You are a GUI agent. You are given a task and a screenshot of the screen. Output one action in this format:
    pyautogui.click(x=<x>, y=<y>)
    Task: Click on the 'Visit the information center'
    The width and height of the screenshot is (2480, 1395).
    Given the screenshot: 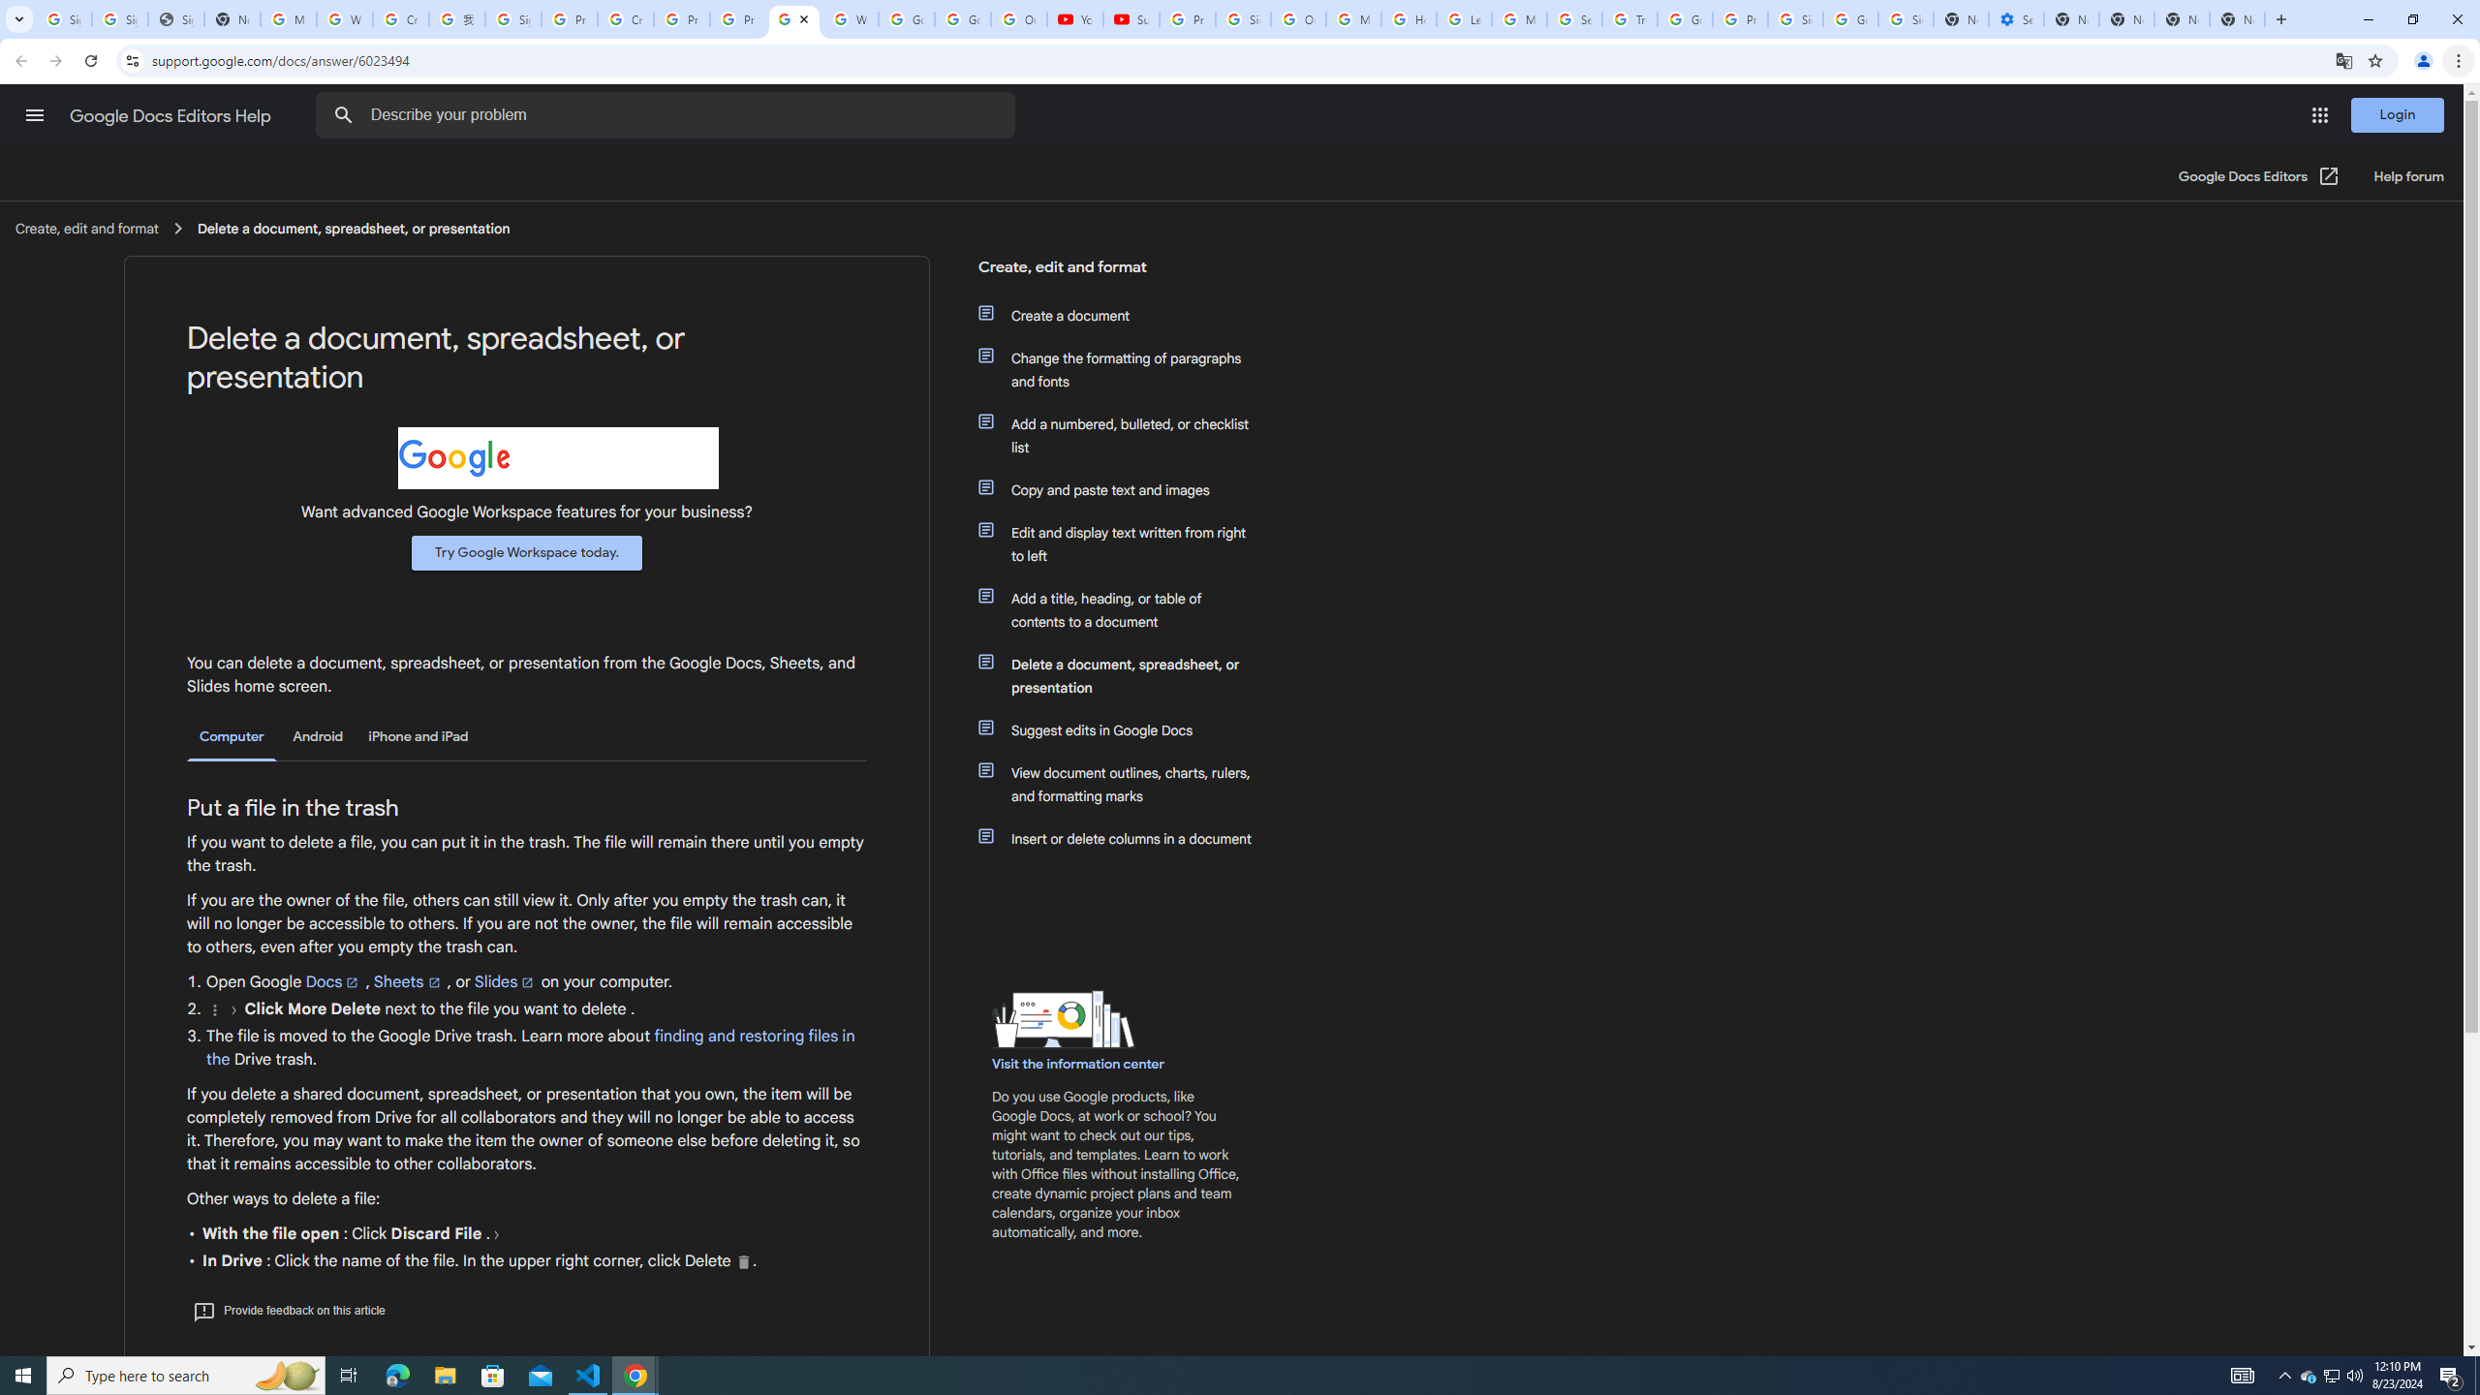 What is the action you would take?
    pyautogui.click(x=1077, y=1064)
    